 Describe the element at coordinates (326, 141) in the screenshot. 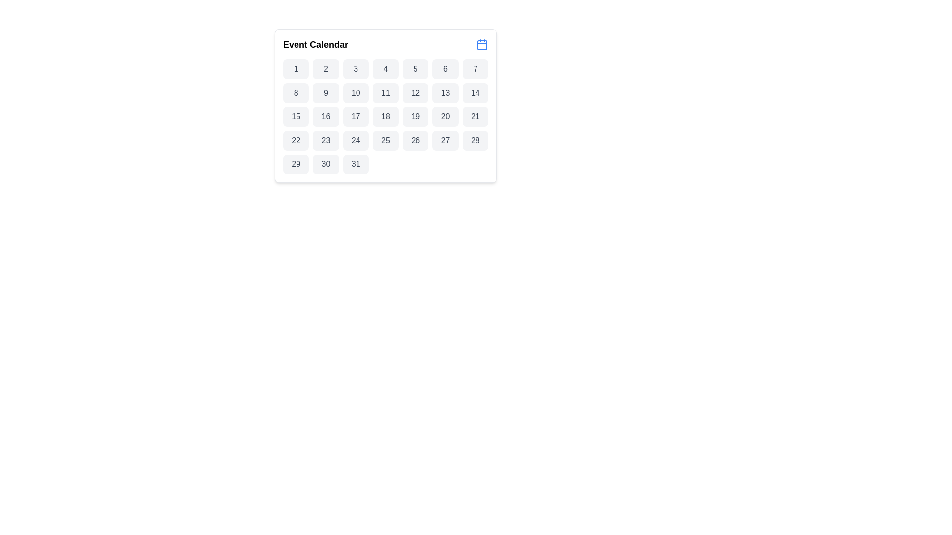

I see `the button representing the date '23' in the calendar interface` at that location.